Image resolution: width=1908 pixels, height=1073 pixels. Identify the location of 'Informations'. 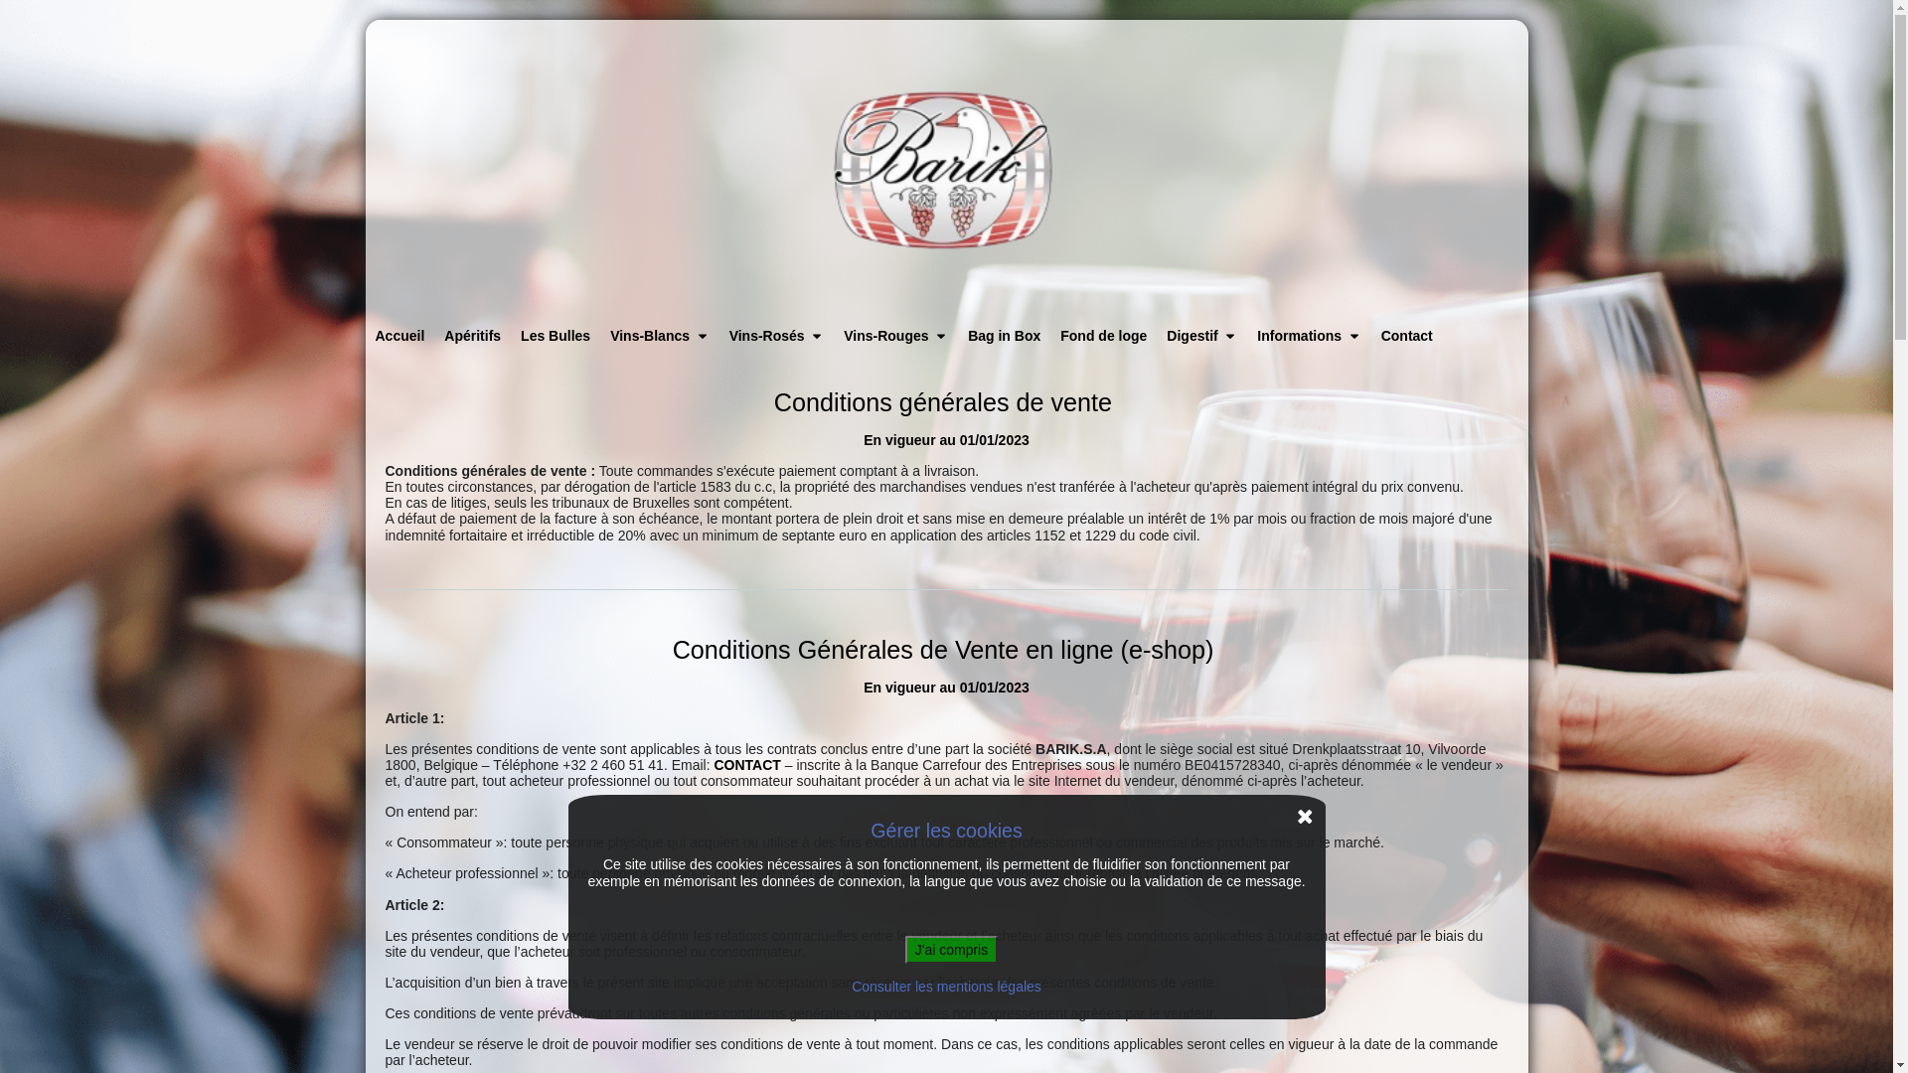
(1308, 335).